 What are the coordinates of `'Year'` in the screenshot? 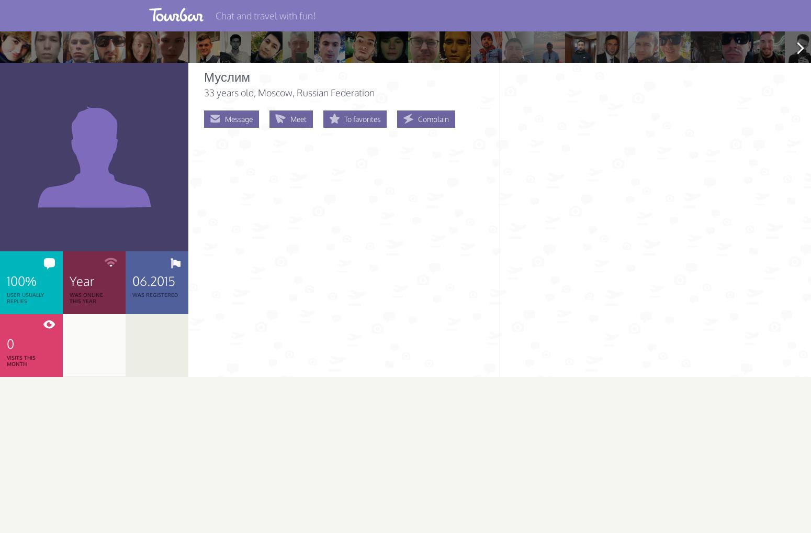 It's located at (69, 280).